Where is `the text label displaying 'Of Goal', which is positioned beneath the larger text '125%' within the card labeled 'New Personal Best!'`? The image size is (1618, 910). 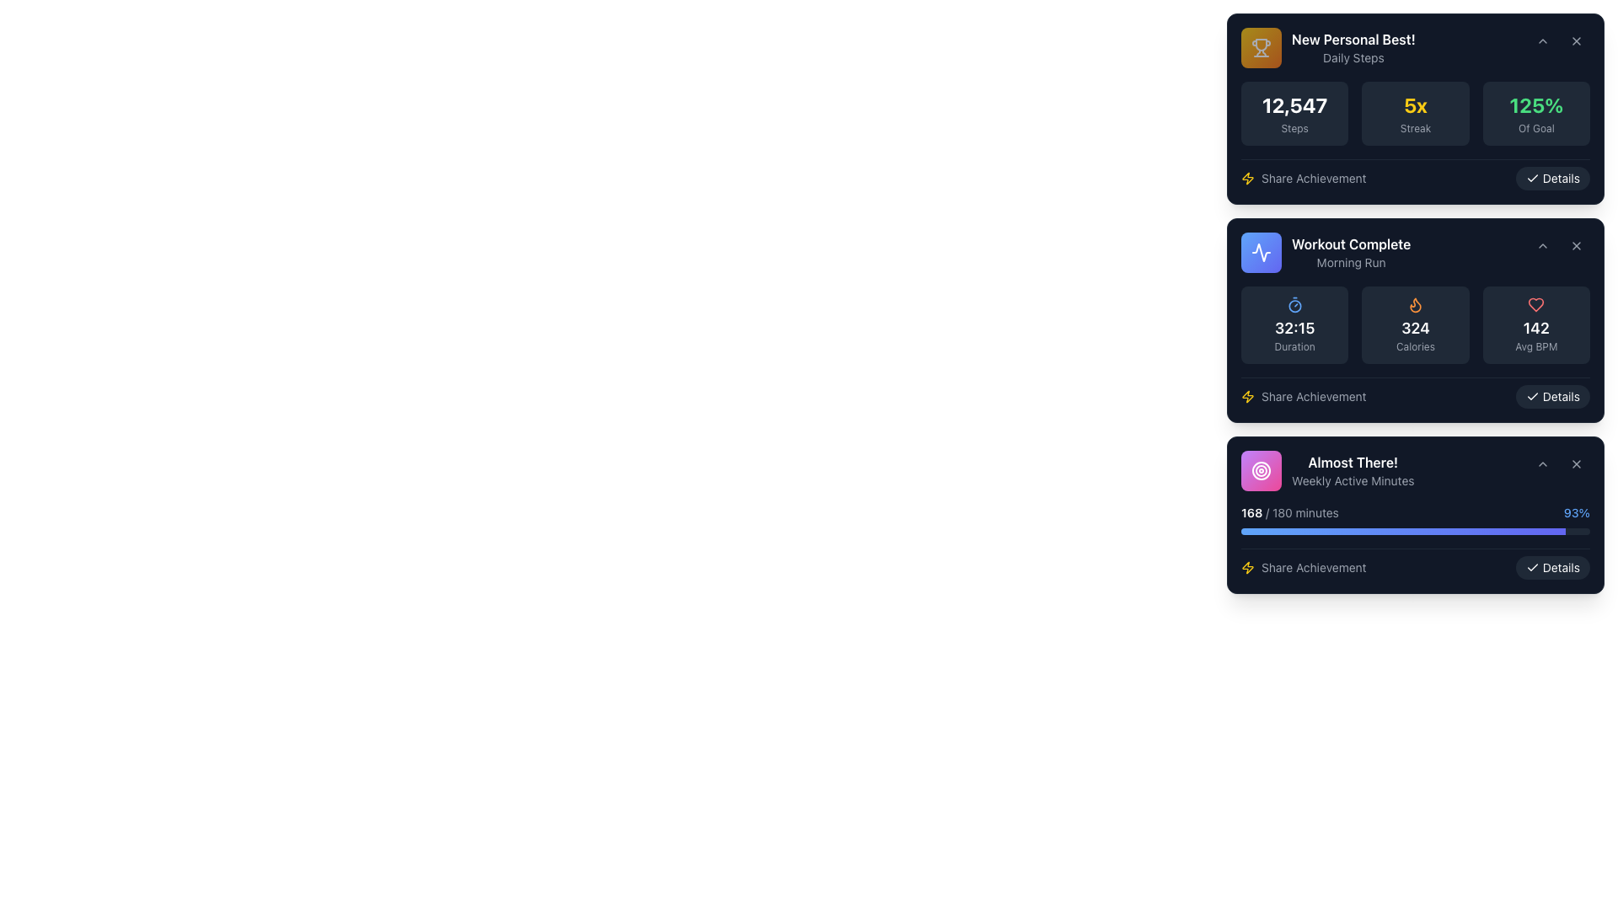 the text label displaying 'Of Goal', which is positioned beneath the larger text '125%' within the card labeled 'New Personal Best!' is located at coordinates (1536, 128).